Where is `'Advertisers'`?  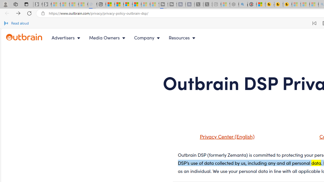 'Advertisers' is located at coordinates (67, 37).